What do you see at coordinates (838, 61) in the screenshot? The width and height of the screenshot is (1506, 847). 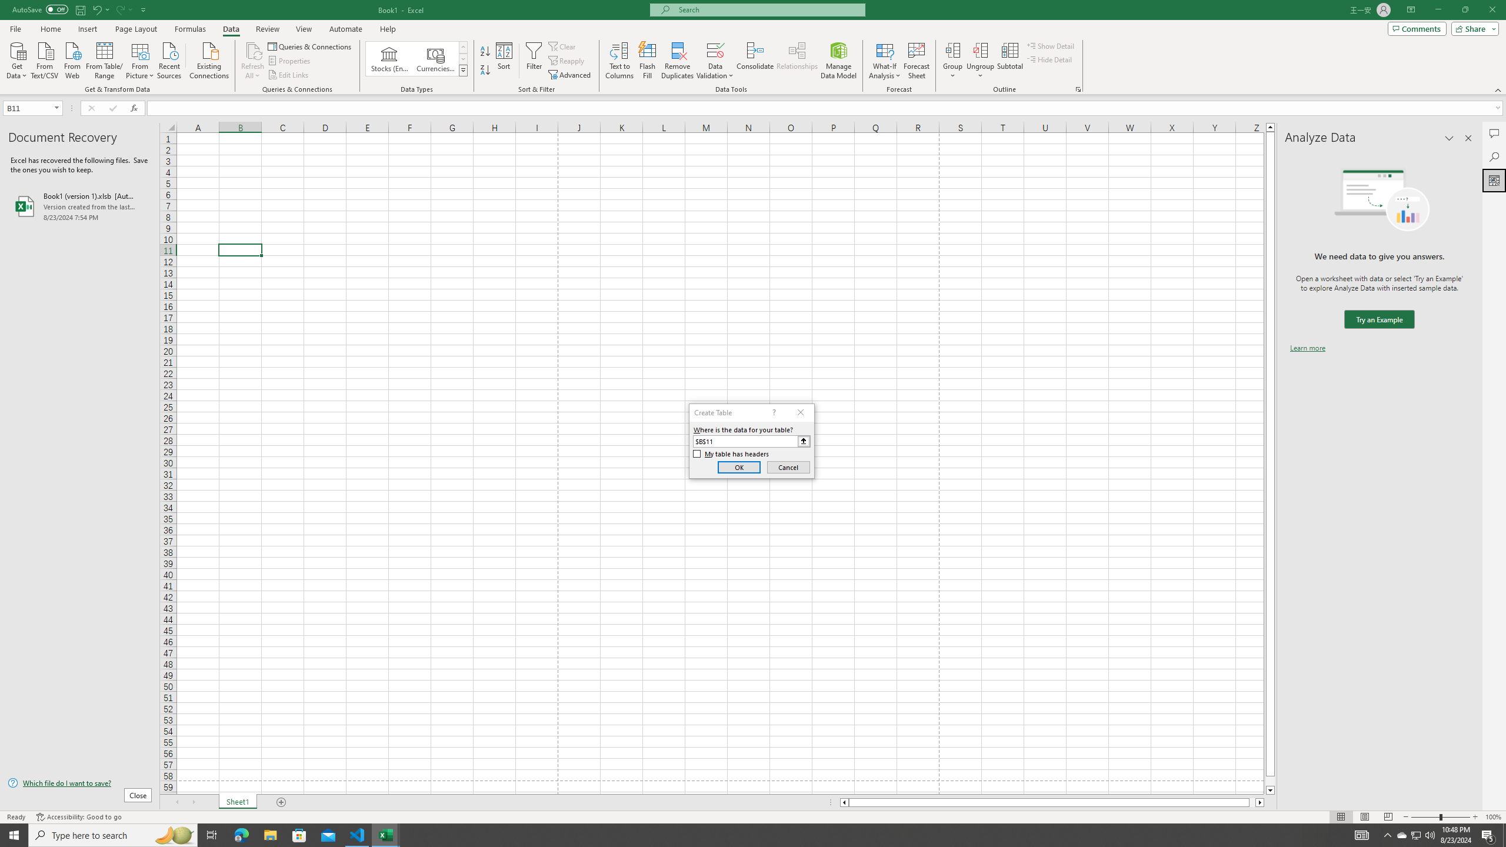 I see `'Manage Data Model'` at bounding box center [838, 61].